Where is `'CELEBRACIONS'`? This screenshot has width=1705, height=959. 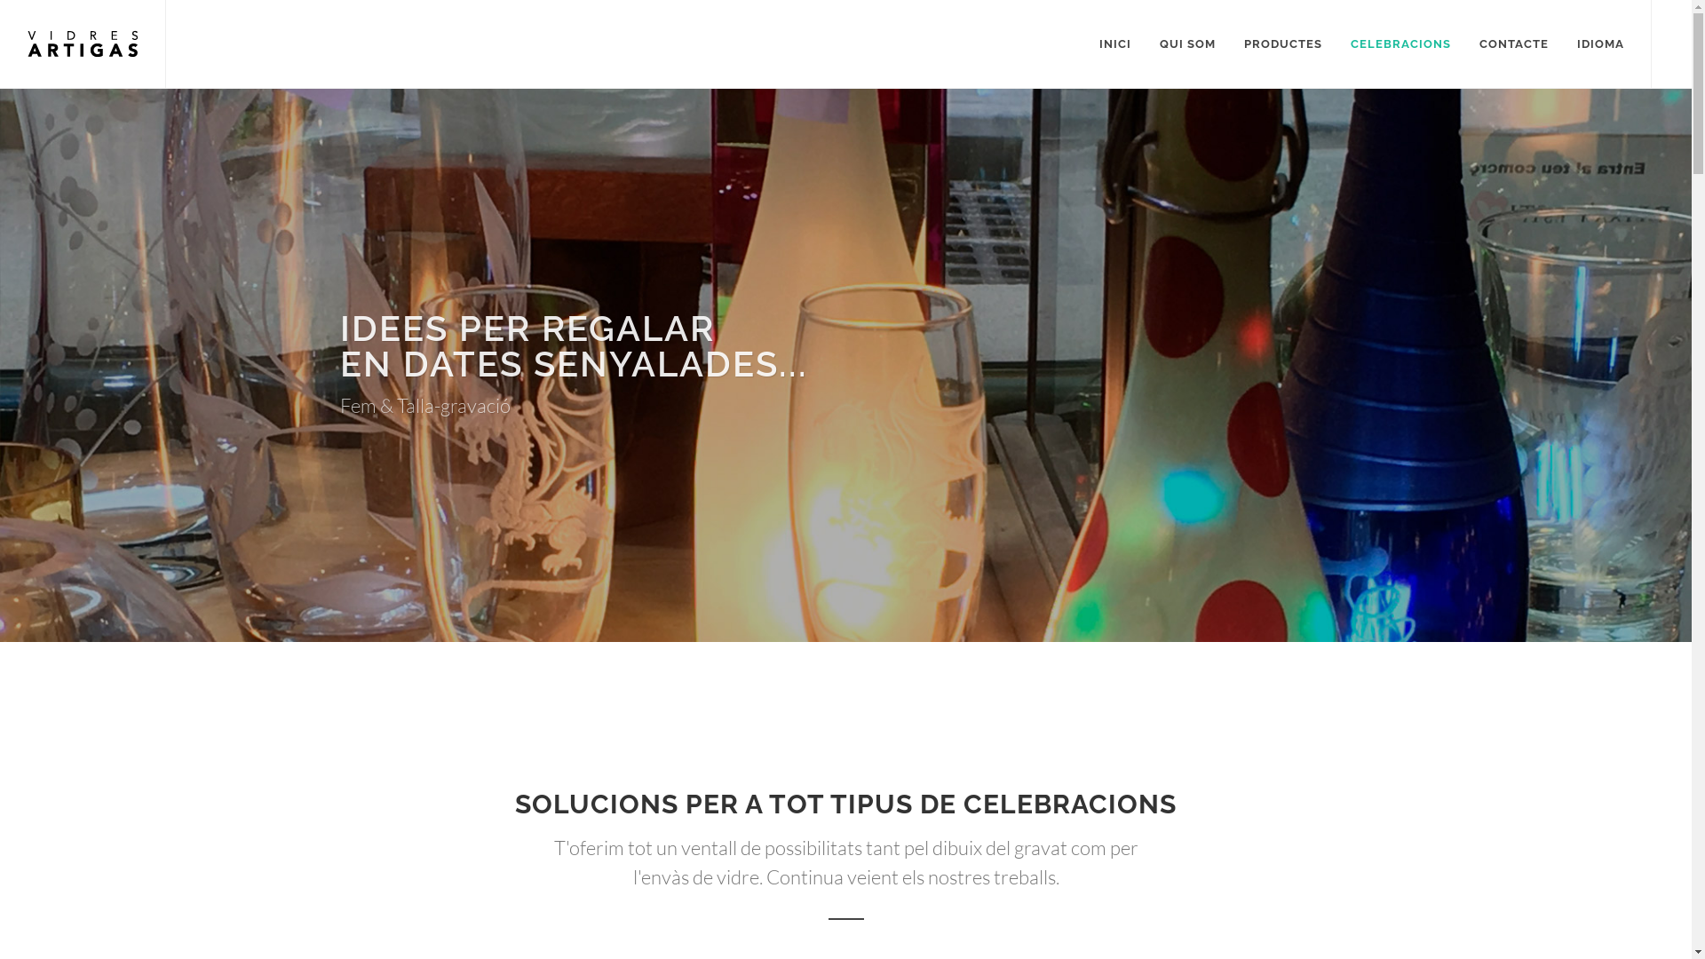
'CELEBRACIONS' is located at coordinates (1400, 44).